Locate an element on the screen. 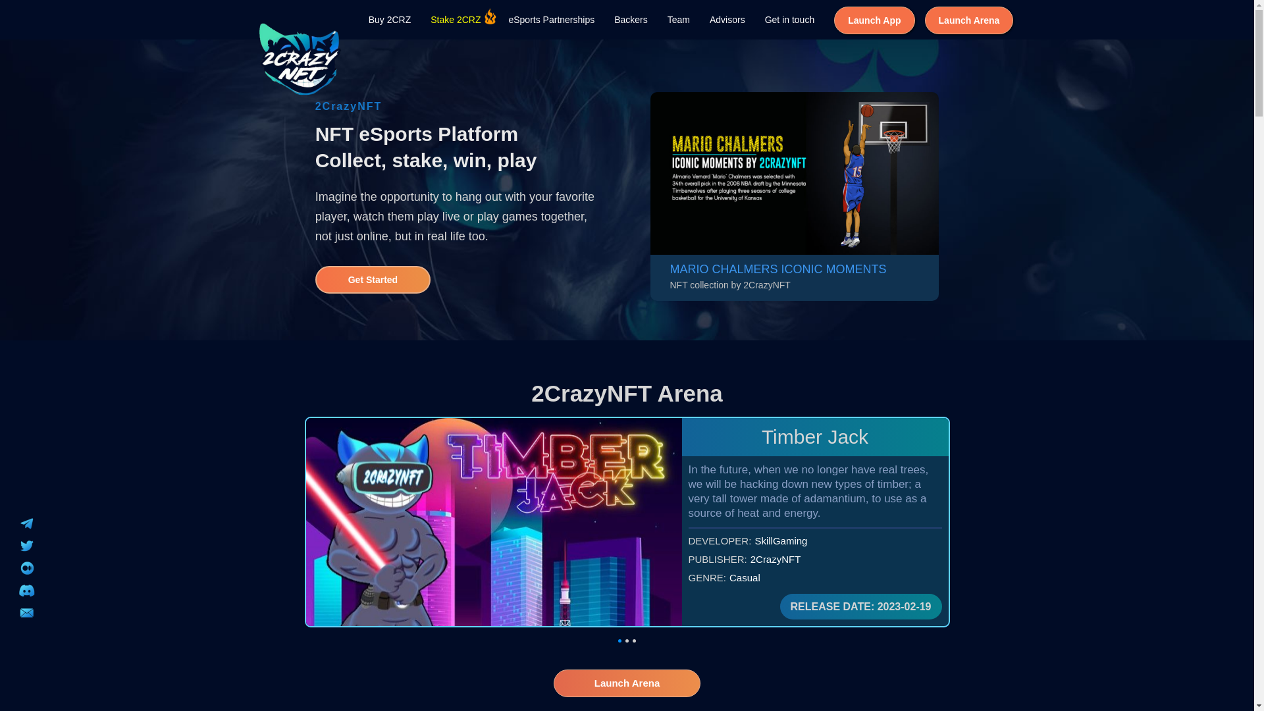 The height and width of the screenshot is (711, 1264). 'Stake 2CRZ' is located at coordinates (455, 20).